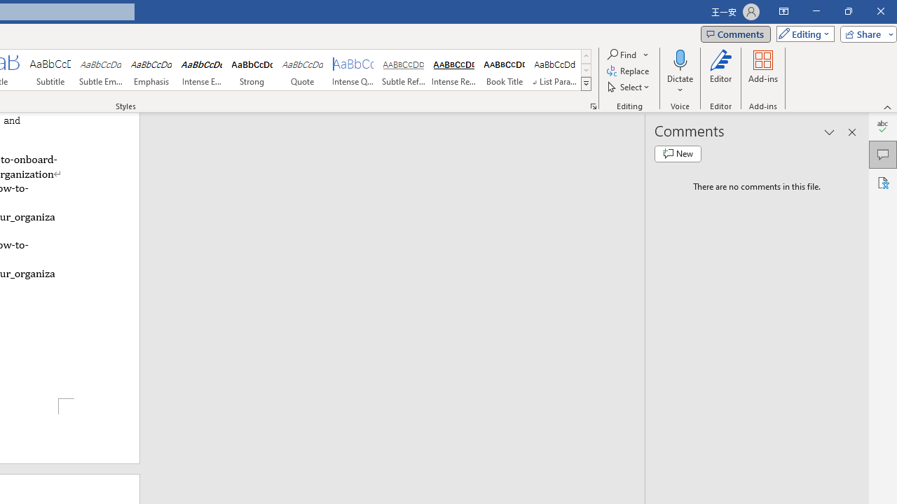  I want to click on 'Intense Emphasis', so click(201, 70).